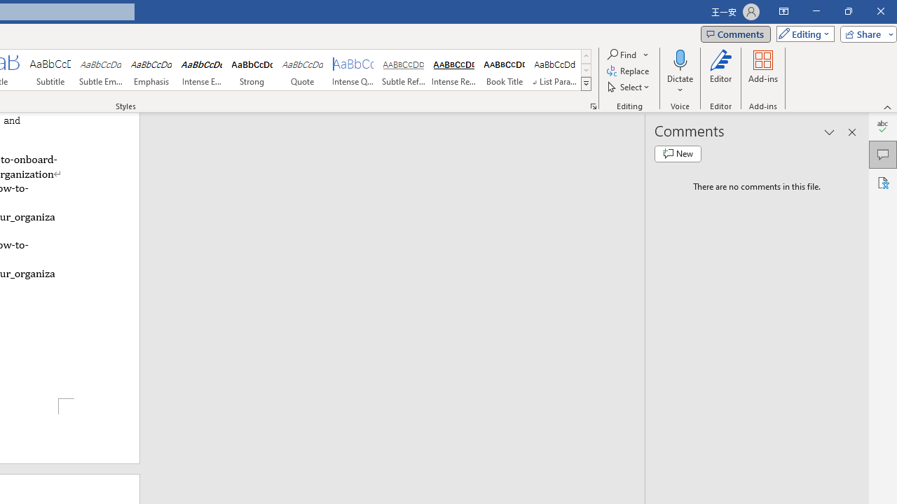  I want to click on 'Intense Emphasis', so click(201, 70).